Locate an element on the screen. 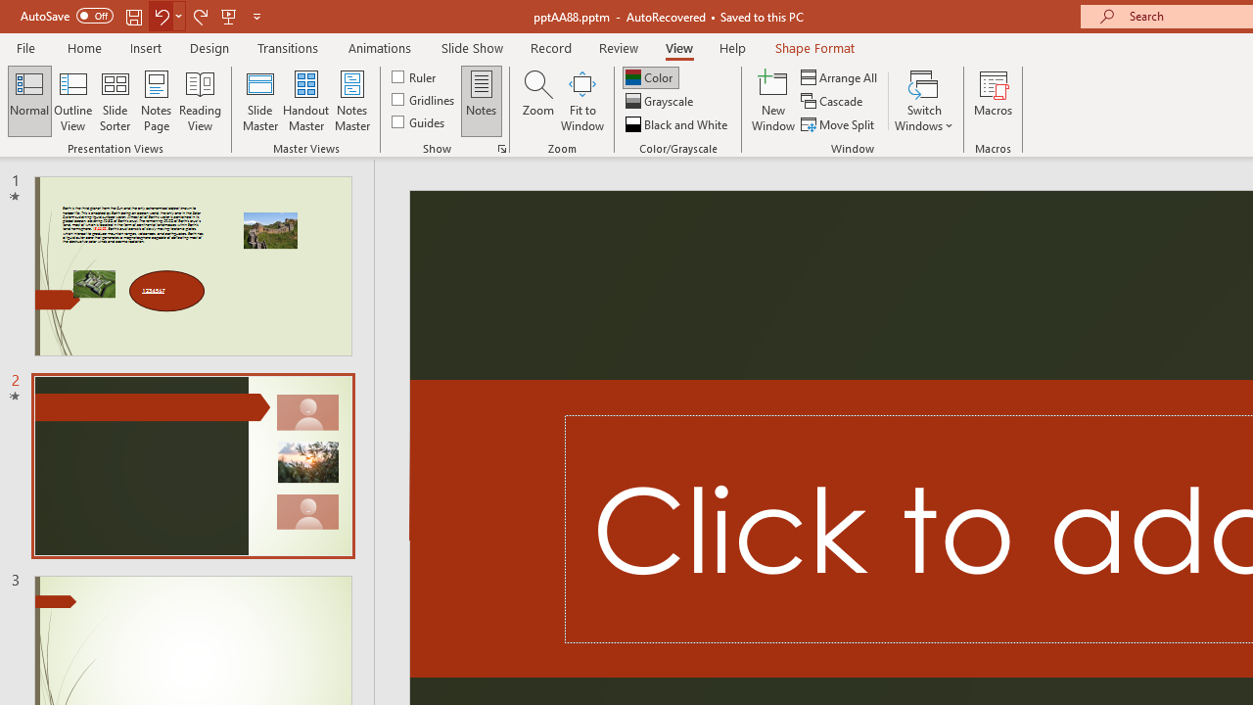 This screenshot has width=1253, height=705. 'Gridlines' is located at coordinates (423, 99).